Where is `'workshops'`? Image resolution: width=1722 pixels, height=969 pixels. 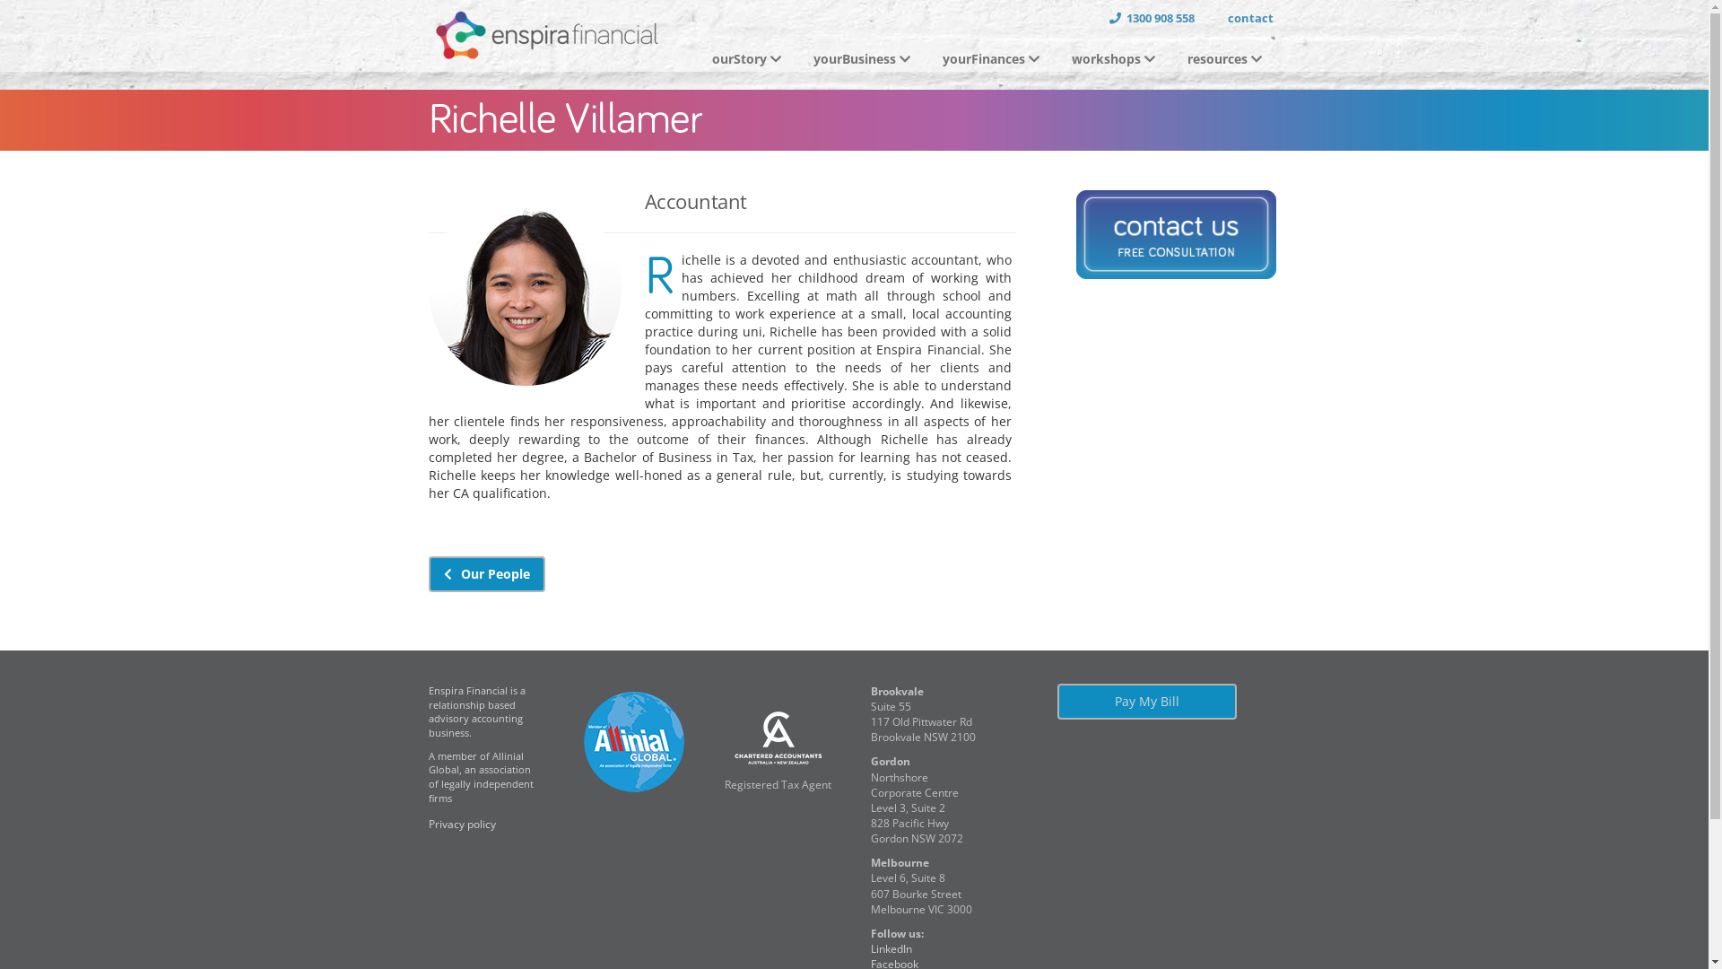
'workshops' is located at coordinates (1114, 57).